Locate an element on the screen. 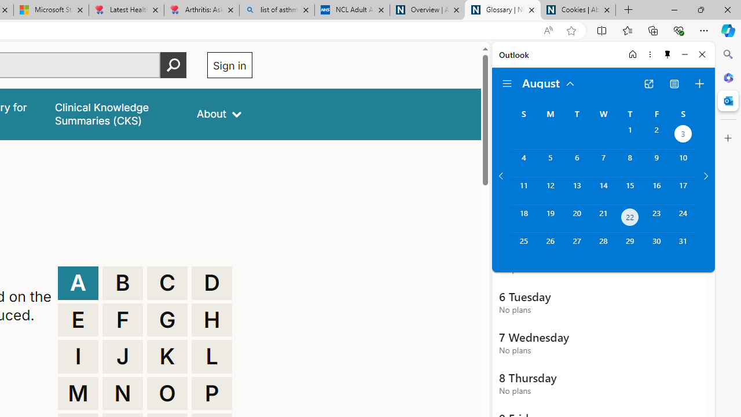  'Tuesday, August 6, 2024. ' is located at coordinates (577, 163).